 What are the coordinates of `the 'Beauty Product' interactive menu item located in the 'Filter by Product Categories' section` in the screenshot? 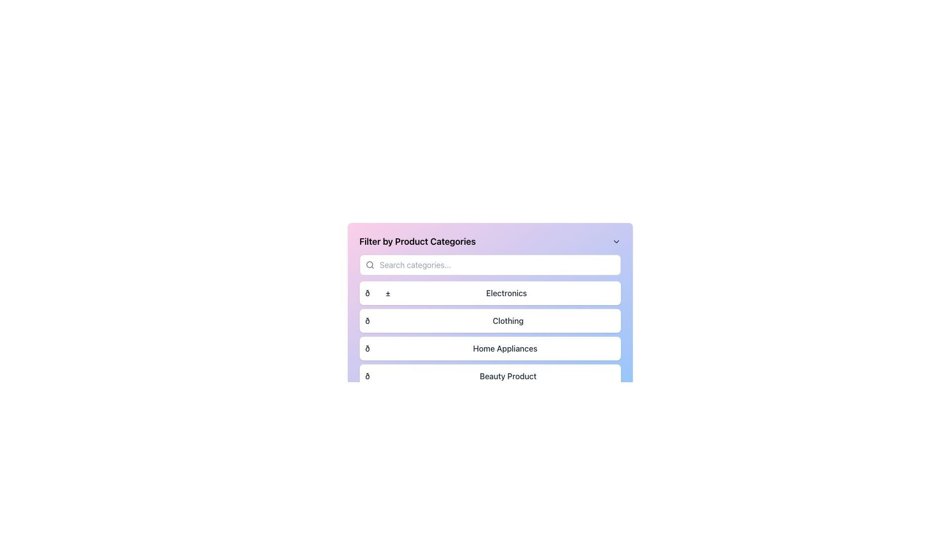 It's located at (490, 376).